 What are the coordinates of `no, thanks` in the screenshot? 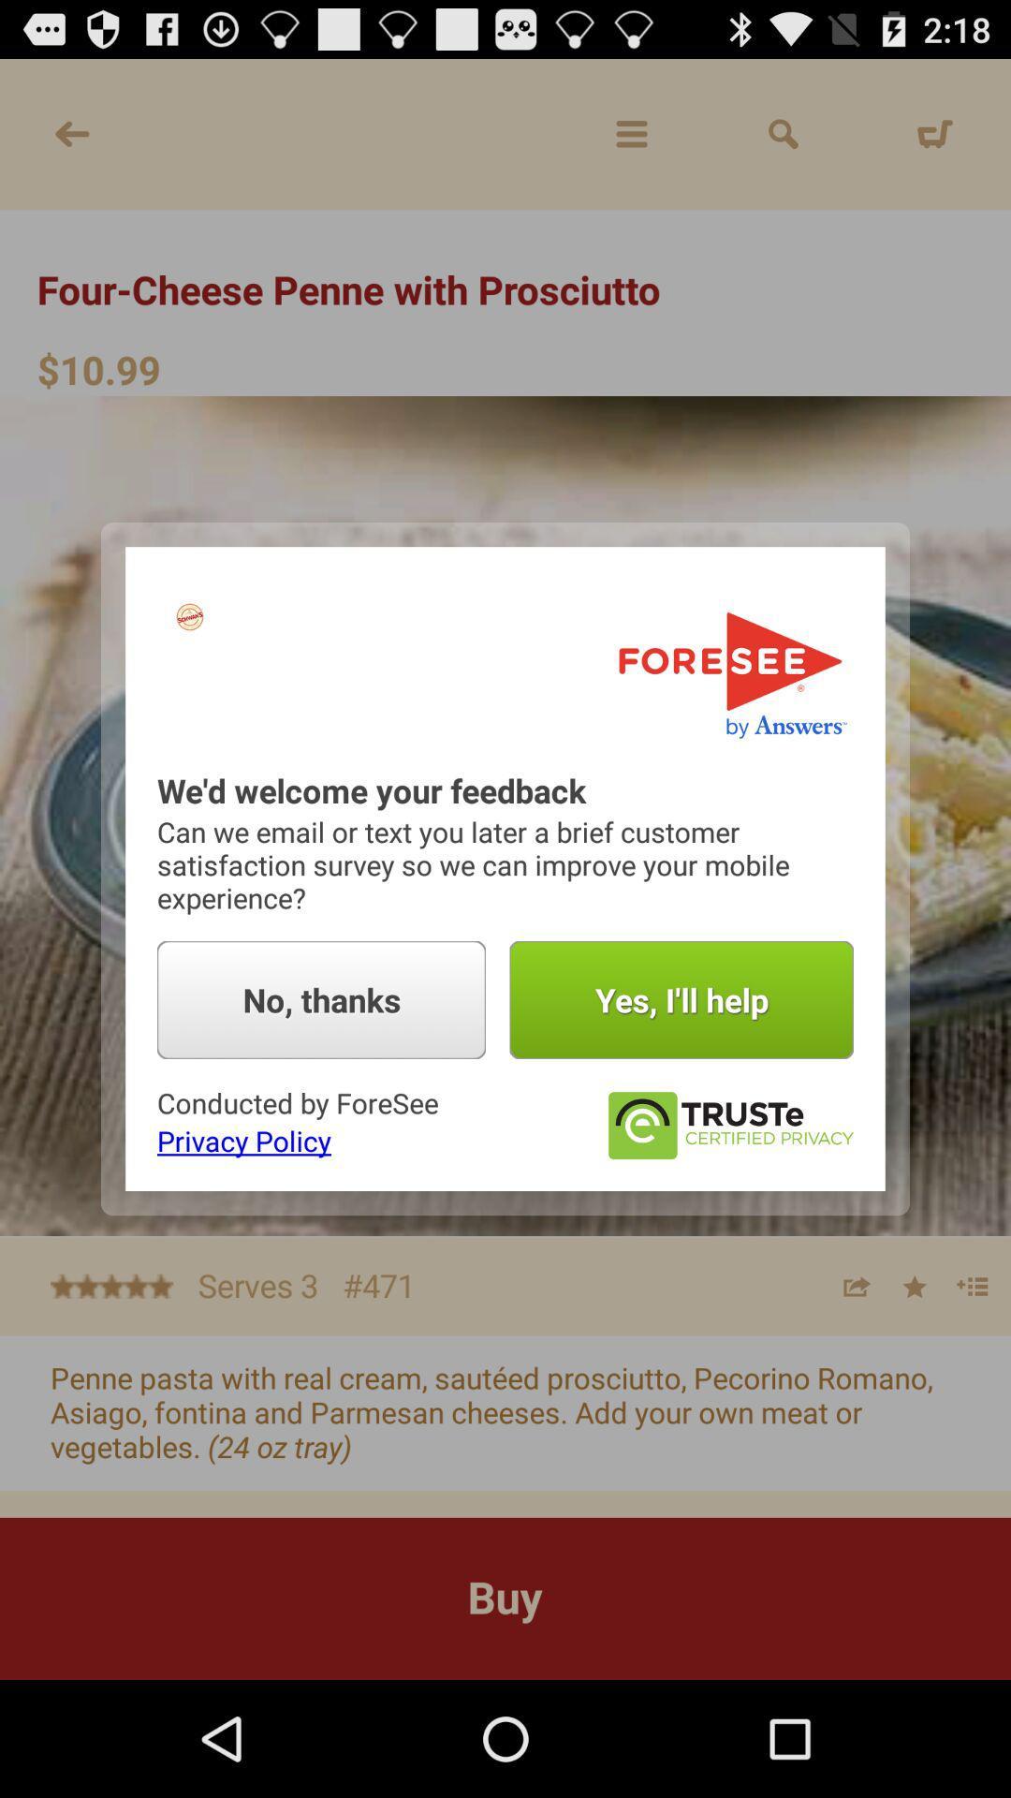 It's located at (320, 999).